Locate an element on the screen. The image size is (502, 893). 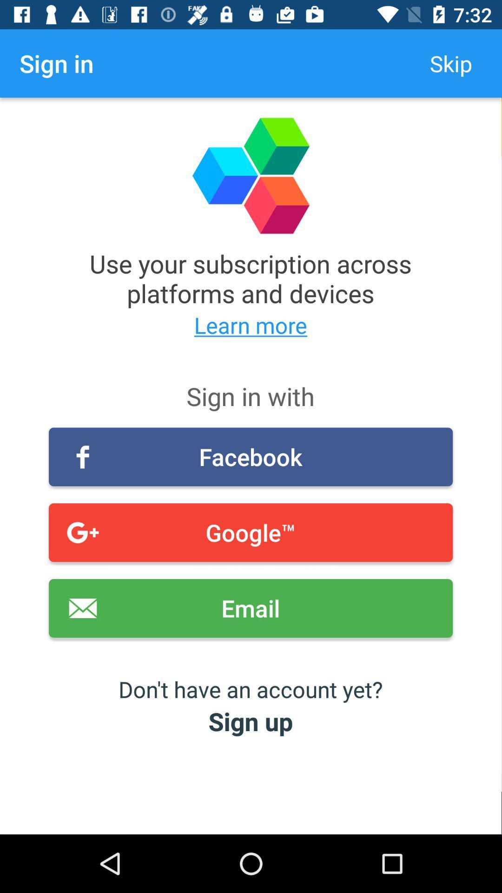
the learn more is located at coordinates (250, 325).